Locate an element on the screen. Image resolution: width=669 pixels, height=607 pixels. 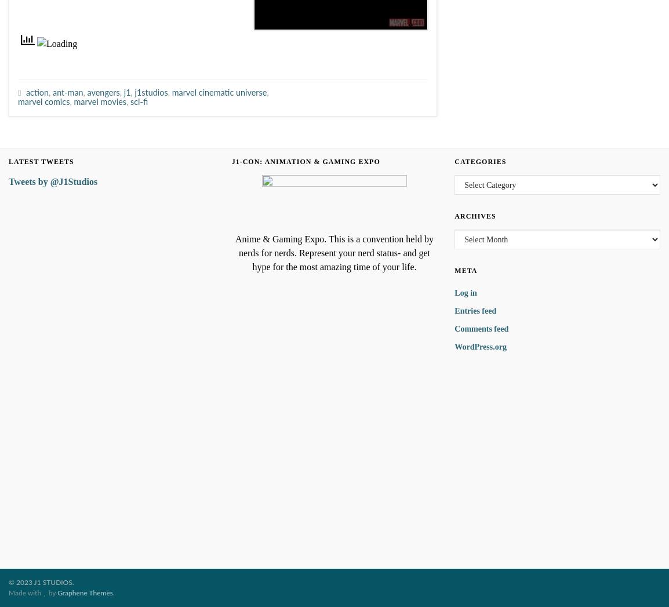
'© 2023 J1 STUDIOS.' is located at coordinates (40, 583).